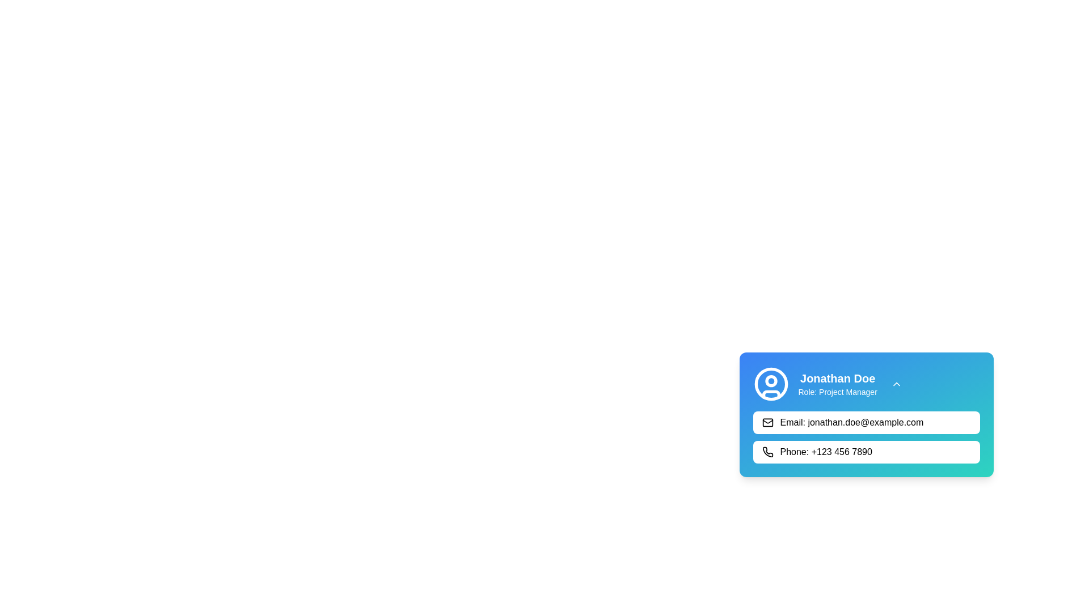 This screenshot has width=1089, height=612. What do you see at coordinates (838, 378) in the screenshot?
I see `the text element displaying 'Jonathan Doe', which is prominently styled in bold white font on a gradient blue background at the top of a rectangular card interface` at bounding box center [838, 378].